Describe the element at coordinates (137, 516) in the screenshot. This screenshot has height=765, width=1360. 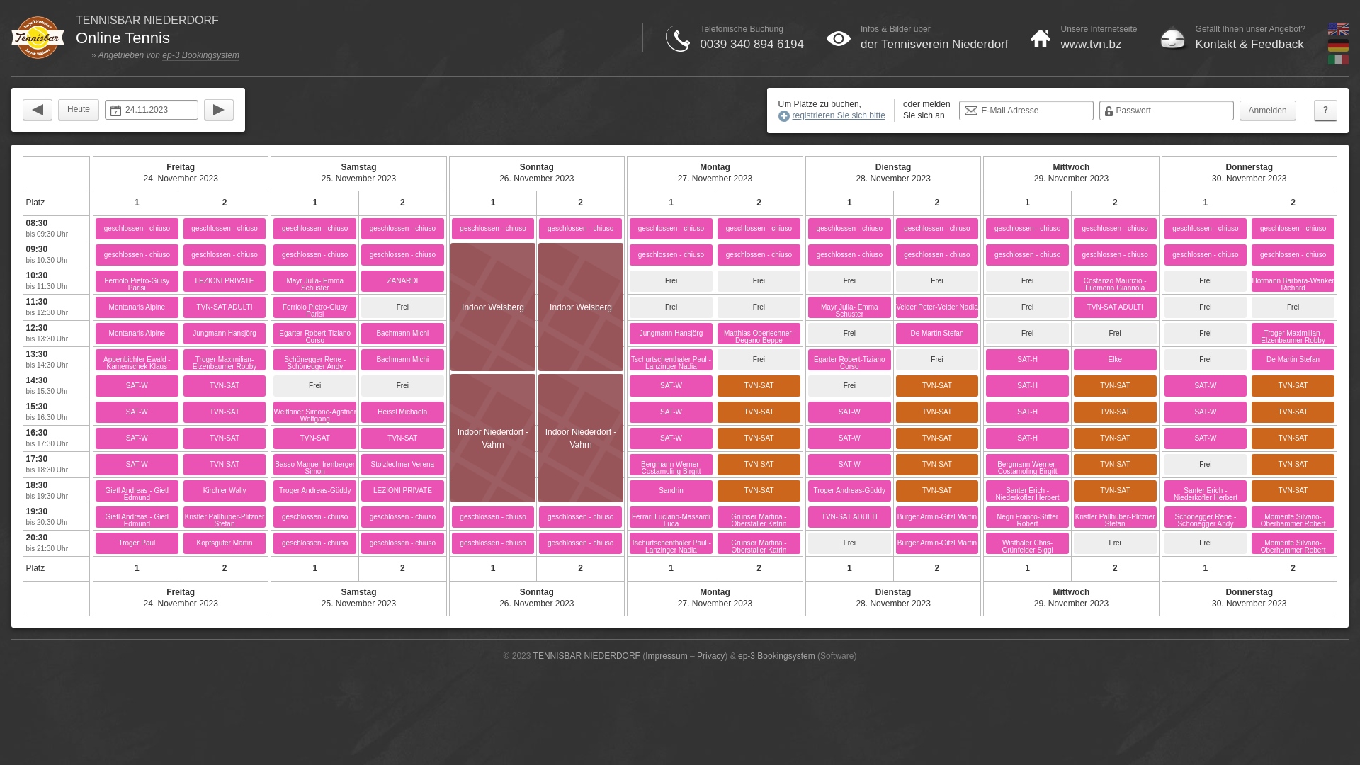
I see `'Gietl Andreas - Gietl Edmund'` at that location.